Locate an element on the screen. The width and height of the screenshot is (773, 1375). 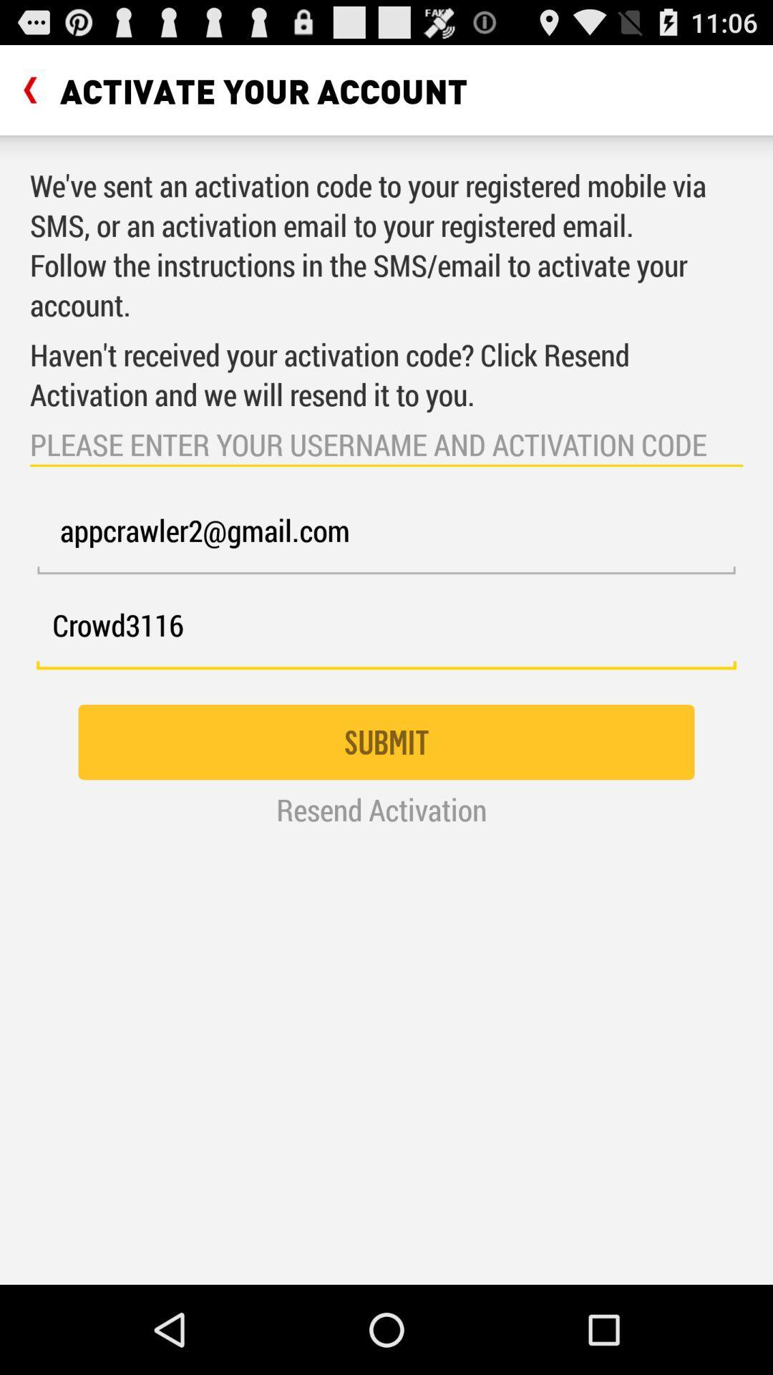
the submit icon is located at coordinates (386, 742).